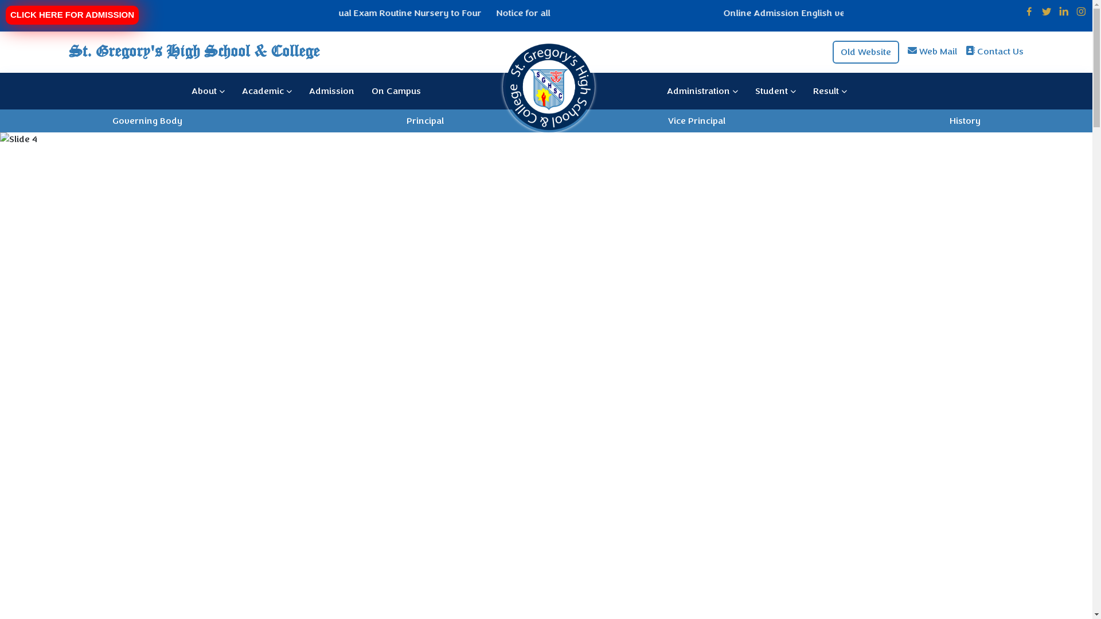  What do you see at coordinates (701, 90) in the screenshot?
I see `'Administration'` at bounding box center [701, 90].